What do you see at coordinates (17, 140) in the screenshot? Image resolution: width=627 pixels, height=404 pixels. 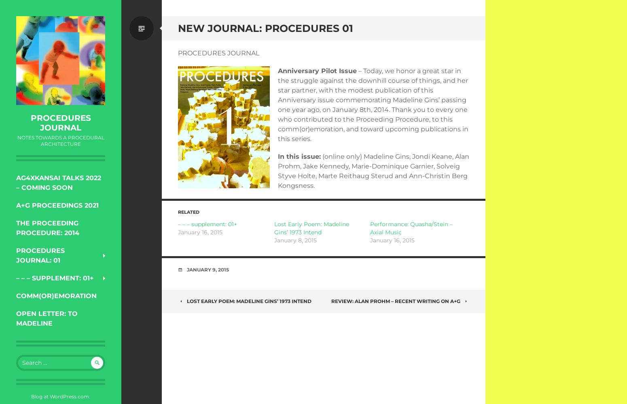 I see `'notes towards a procedural architecture'` at bounding box center [17, 140].